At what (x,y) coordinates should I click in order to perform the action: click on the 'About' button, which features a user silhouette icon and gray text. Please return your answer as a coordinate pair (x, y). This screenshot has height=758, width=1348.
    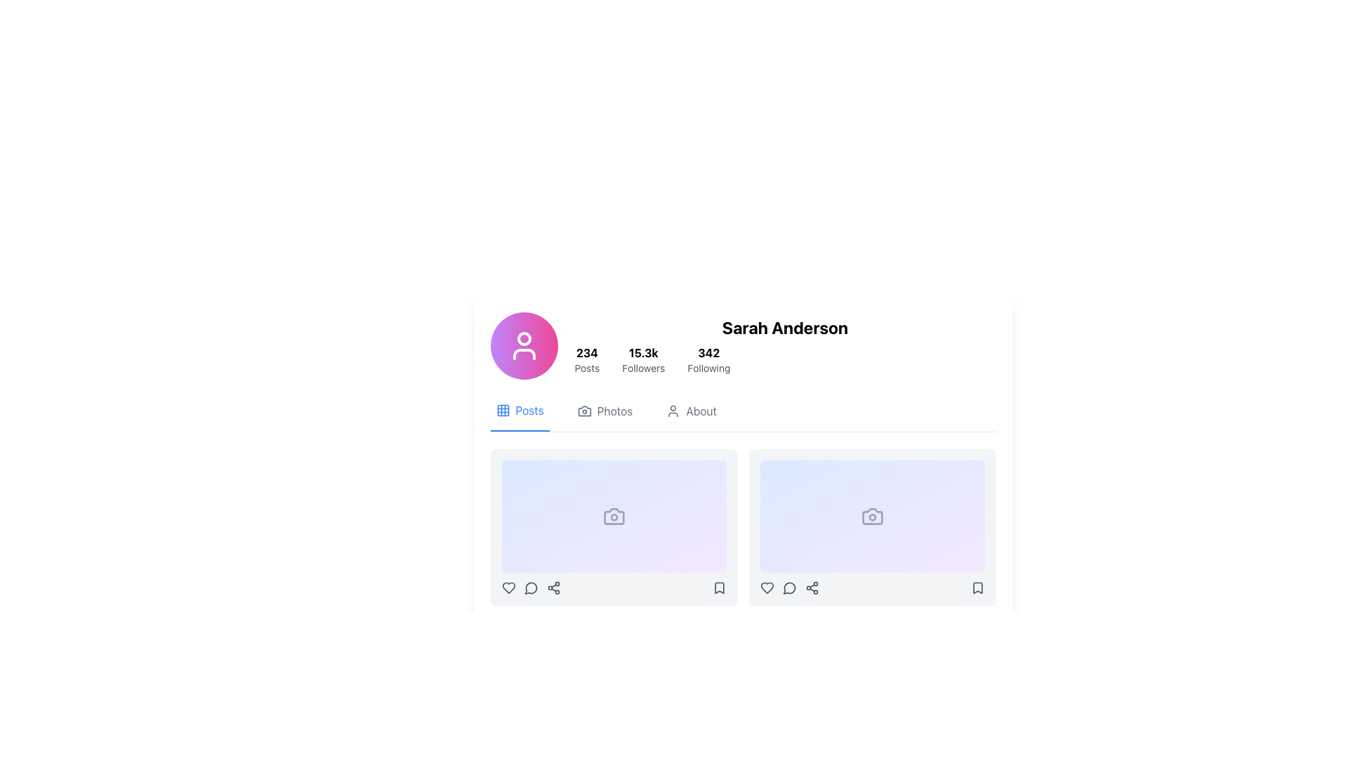
    Looking at the image, I should click on (692, 416).